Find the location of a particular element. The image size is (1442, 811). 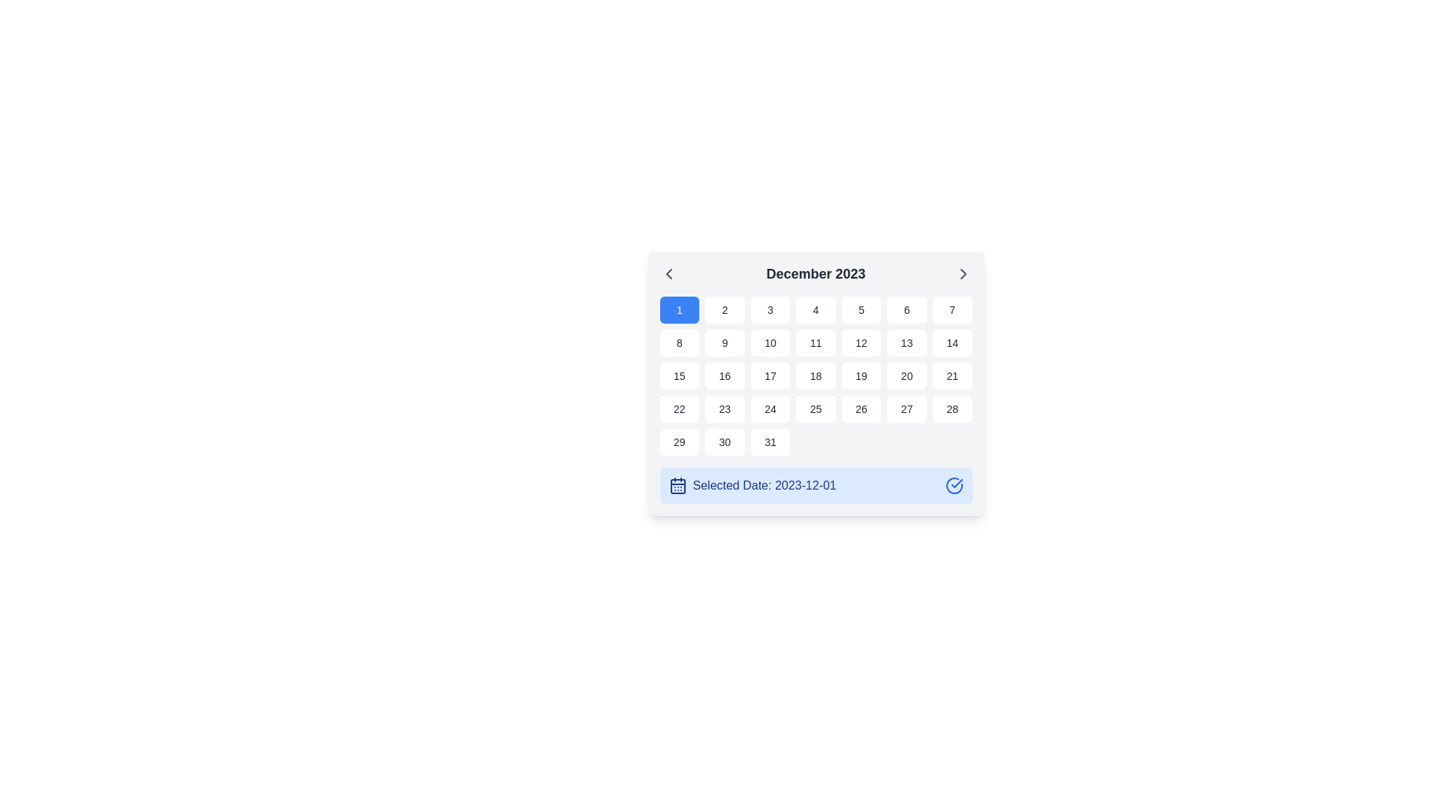

a specific date in the calendar using the Date Picker Component located in the center of the viewable area is located at coordinates (815, 382).